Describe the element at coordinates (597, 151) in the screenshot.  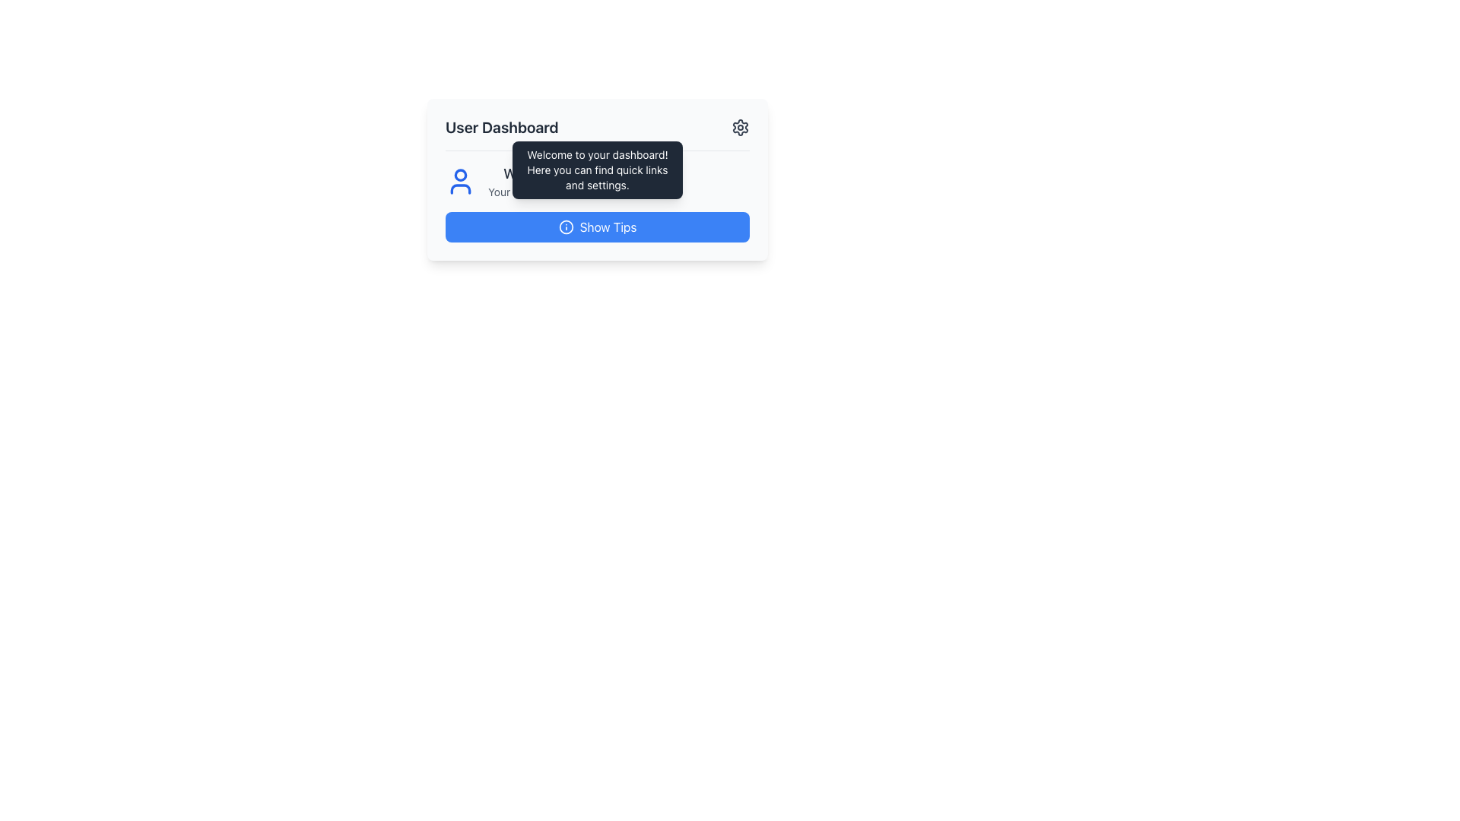
I see `the thin horizontal line that separates the header 'User Dashboard' from the greeting text 'Welcome, John Doe' in the user dashboard card` at that location.